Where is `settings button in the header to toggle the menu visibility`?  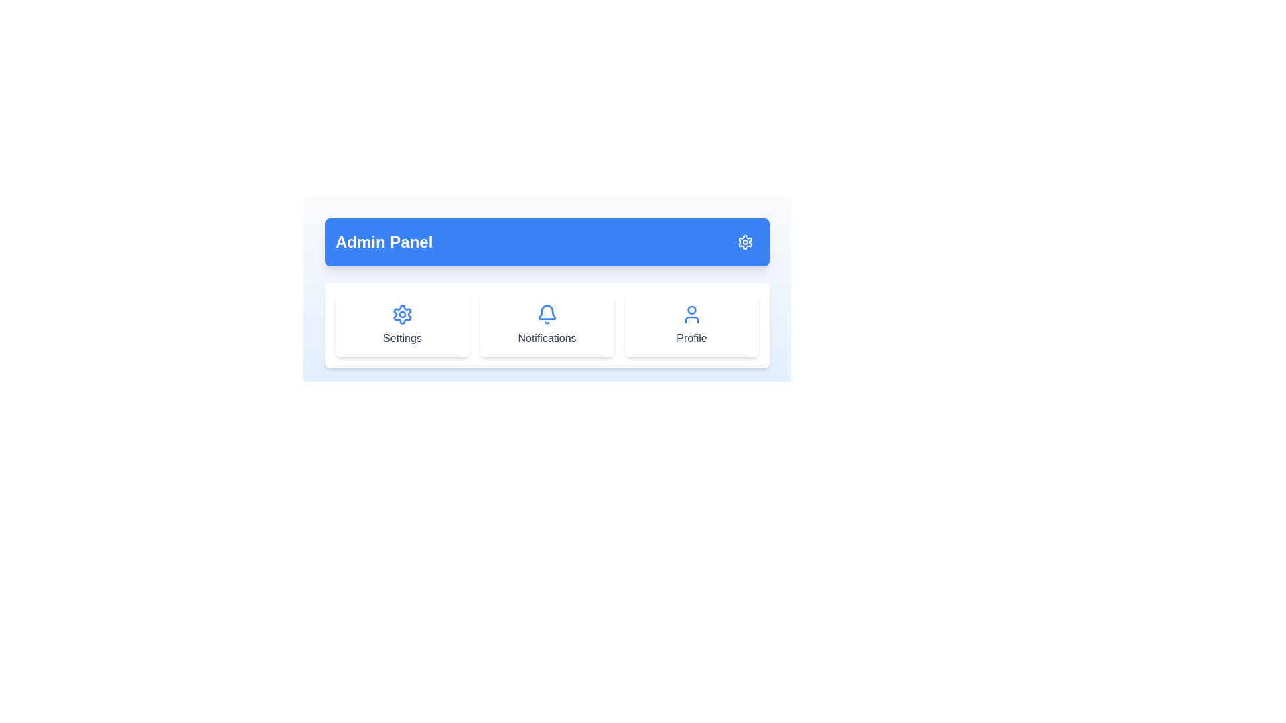
settings button in the header to toggle the menu visibility is located at coordinates (745, 242).